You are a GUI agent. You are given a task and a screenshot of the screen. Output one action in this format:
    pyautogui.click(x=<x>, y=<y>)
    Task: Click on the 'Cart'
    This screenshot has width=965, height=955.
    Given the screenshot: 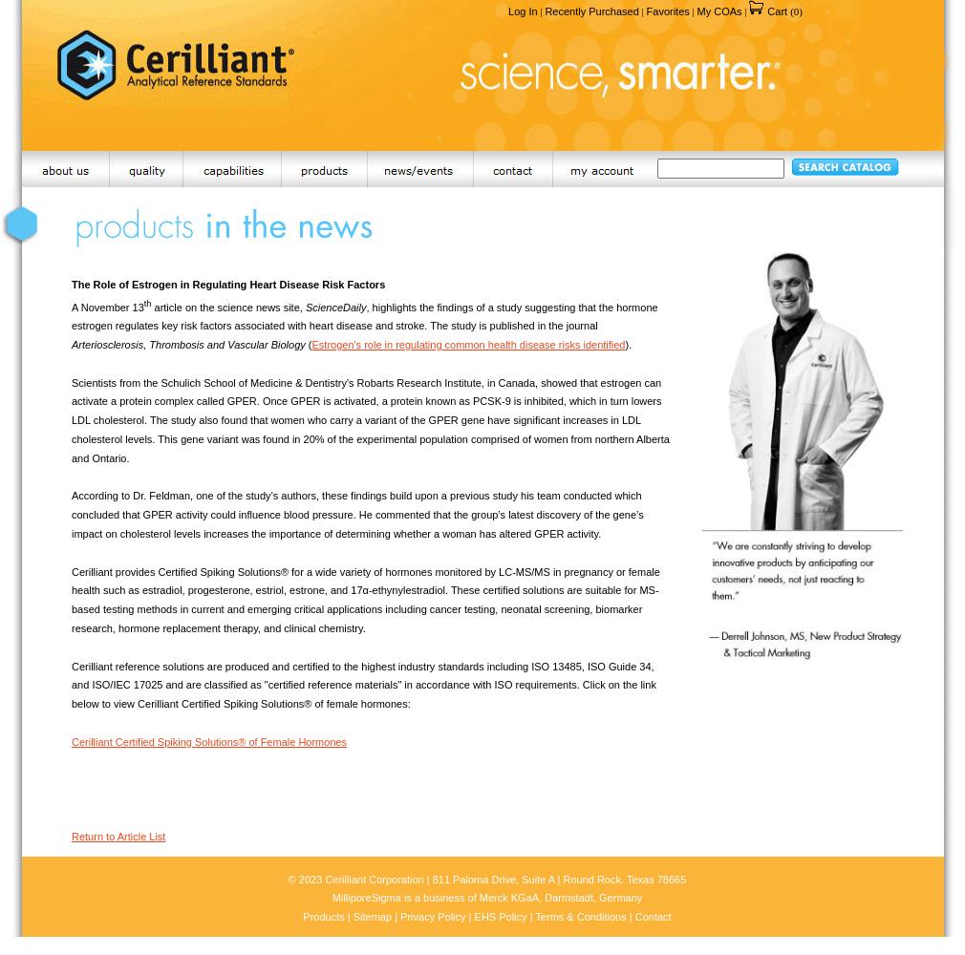 What is the action you would take?
    pyautogui.click(x=764, y=11)
    